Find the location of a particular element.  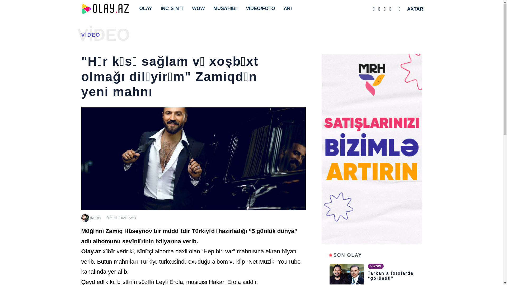

'OLAY' is located at coordinates (147, 8).